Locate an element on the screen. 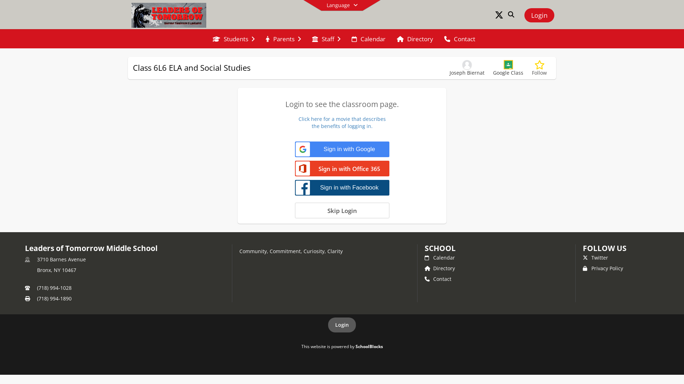  'Students' is located at coordinates (234, 39).